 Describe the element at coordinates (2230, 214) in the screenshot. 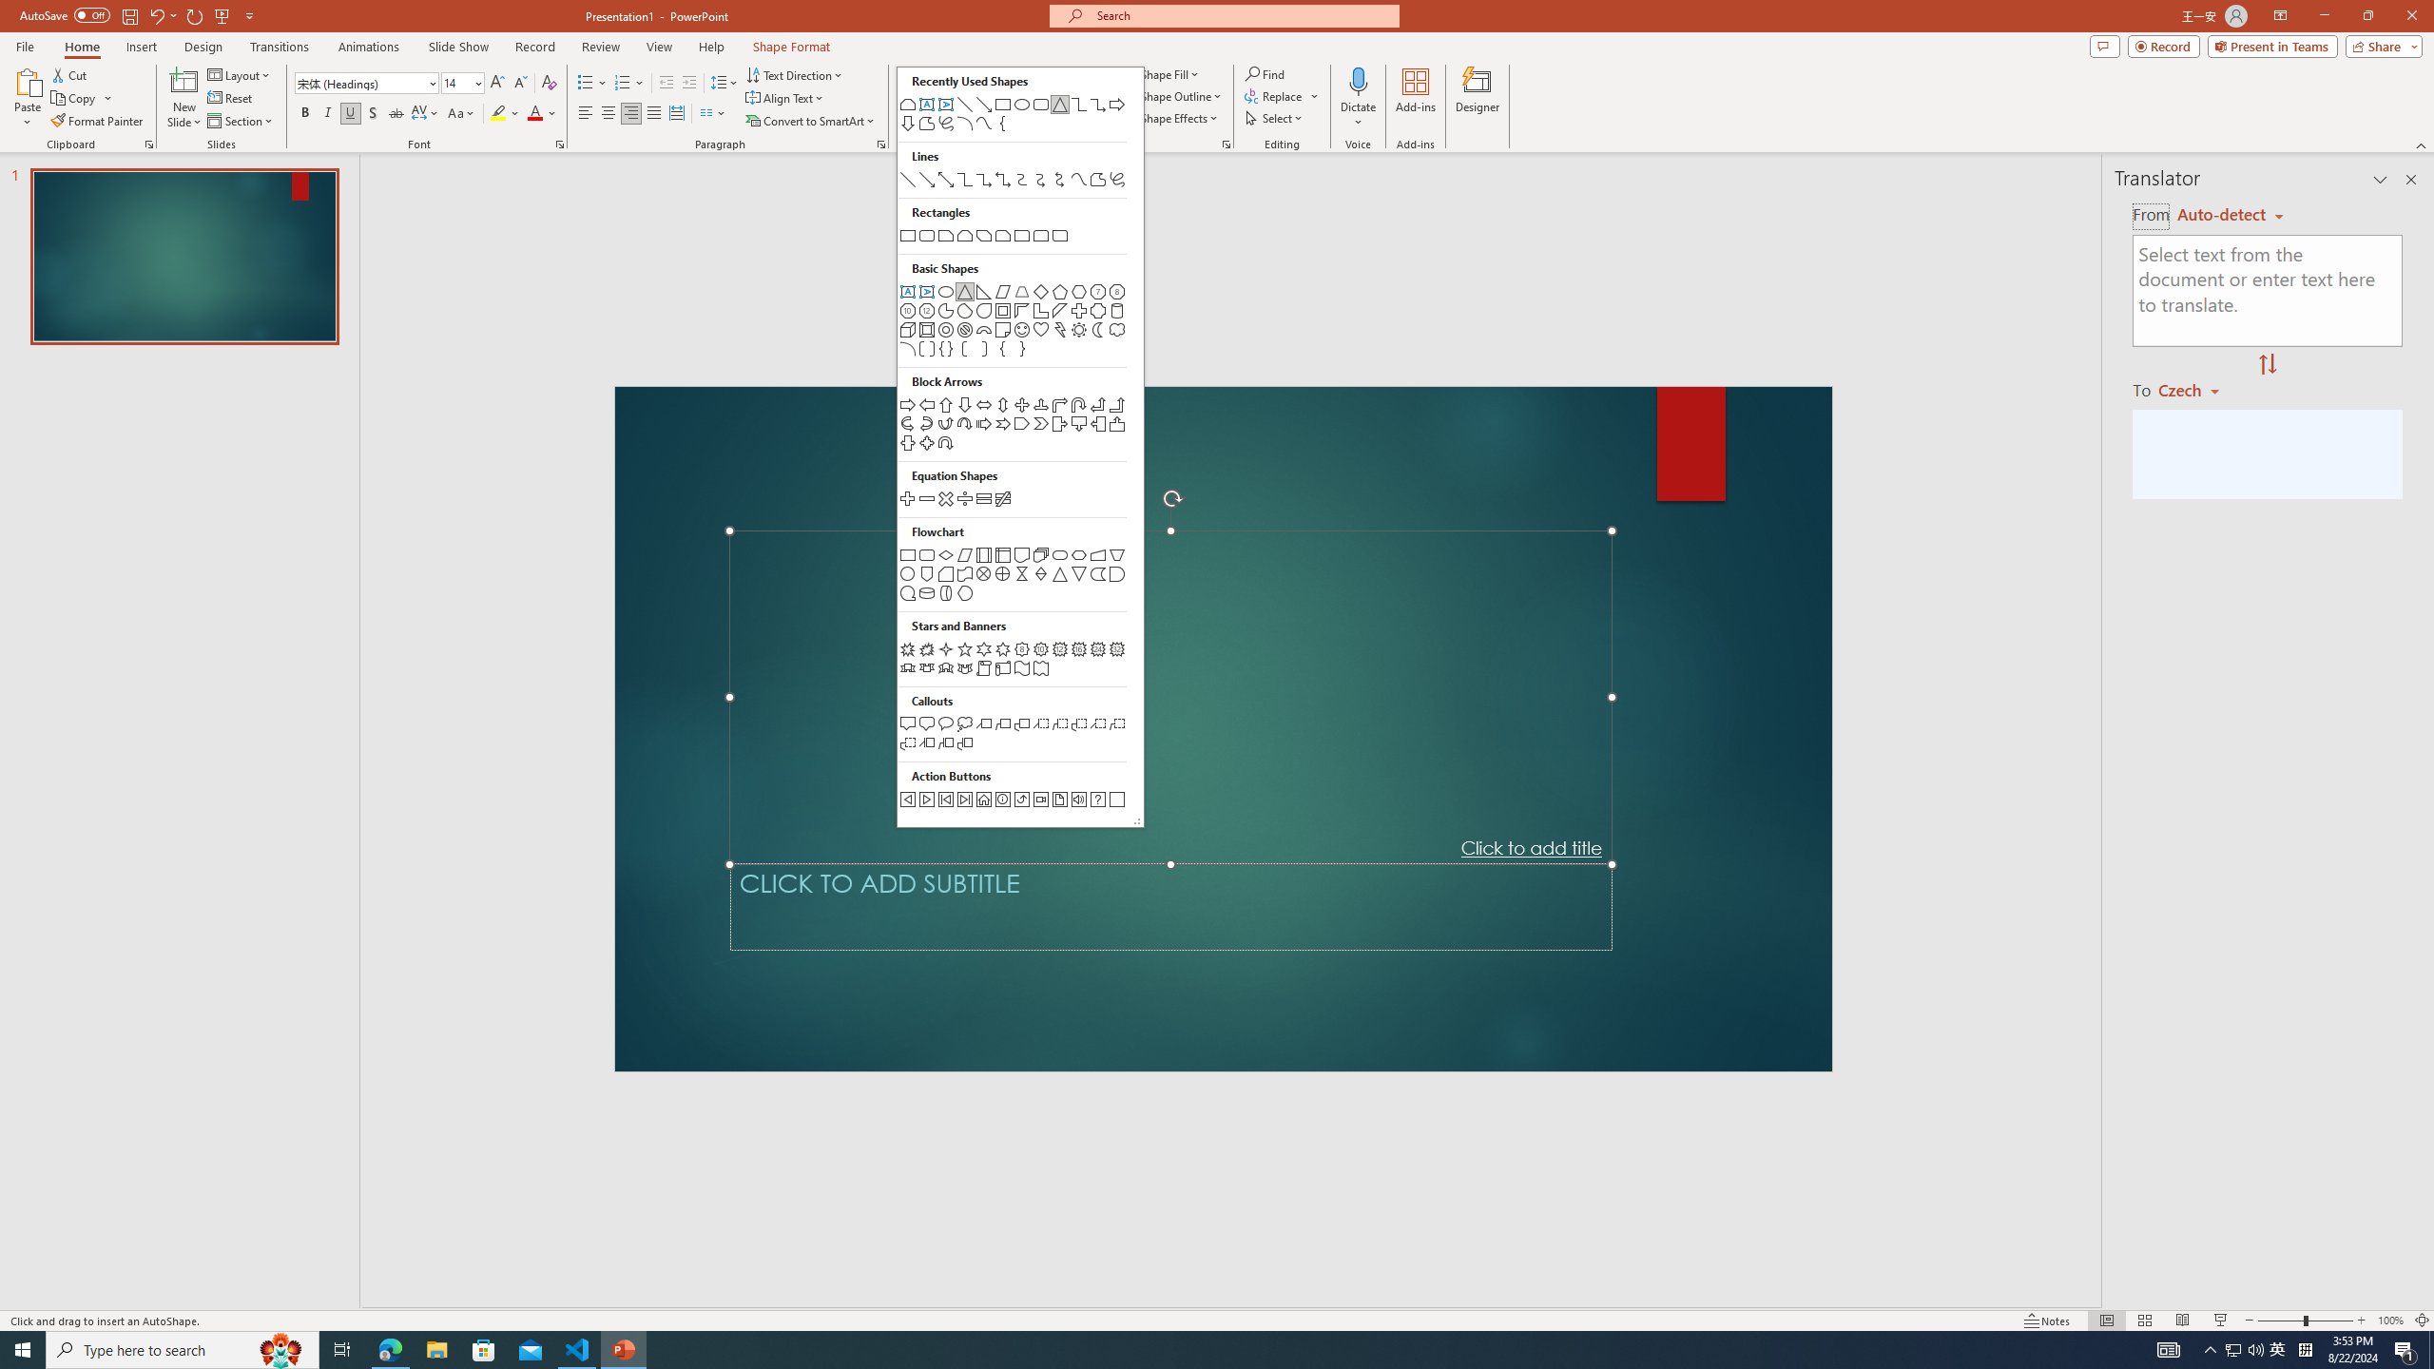

I see `'Auto-detect'` at that location.